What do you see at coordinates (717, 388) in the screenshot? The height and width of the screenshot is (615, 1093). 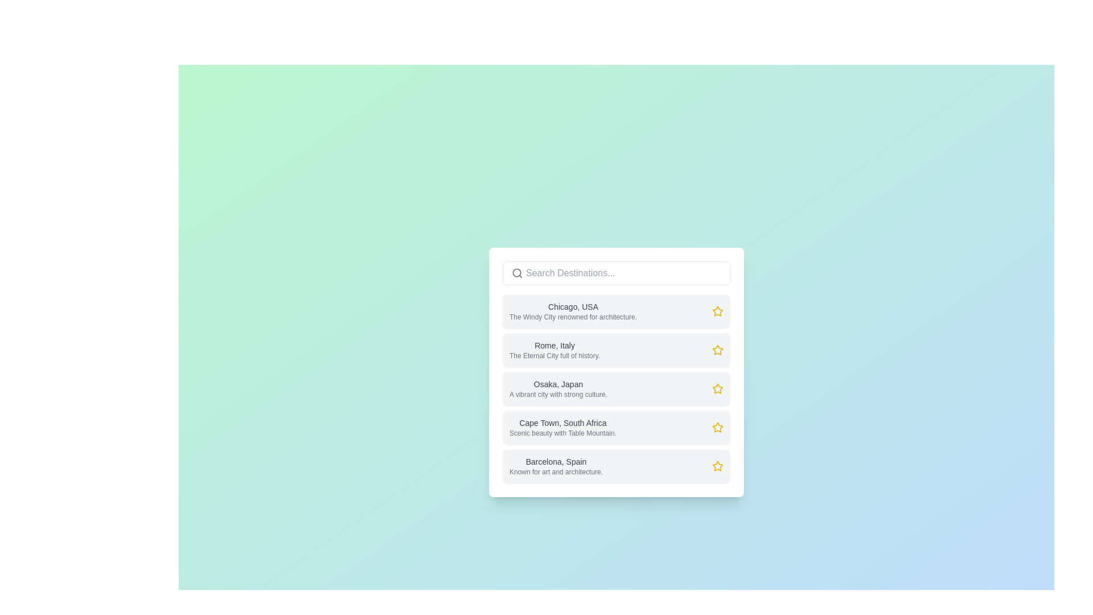 I see `the star icon` at bounding box center [717, 388].